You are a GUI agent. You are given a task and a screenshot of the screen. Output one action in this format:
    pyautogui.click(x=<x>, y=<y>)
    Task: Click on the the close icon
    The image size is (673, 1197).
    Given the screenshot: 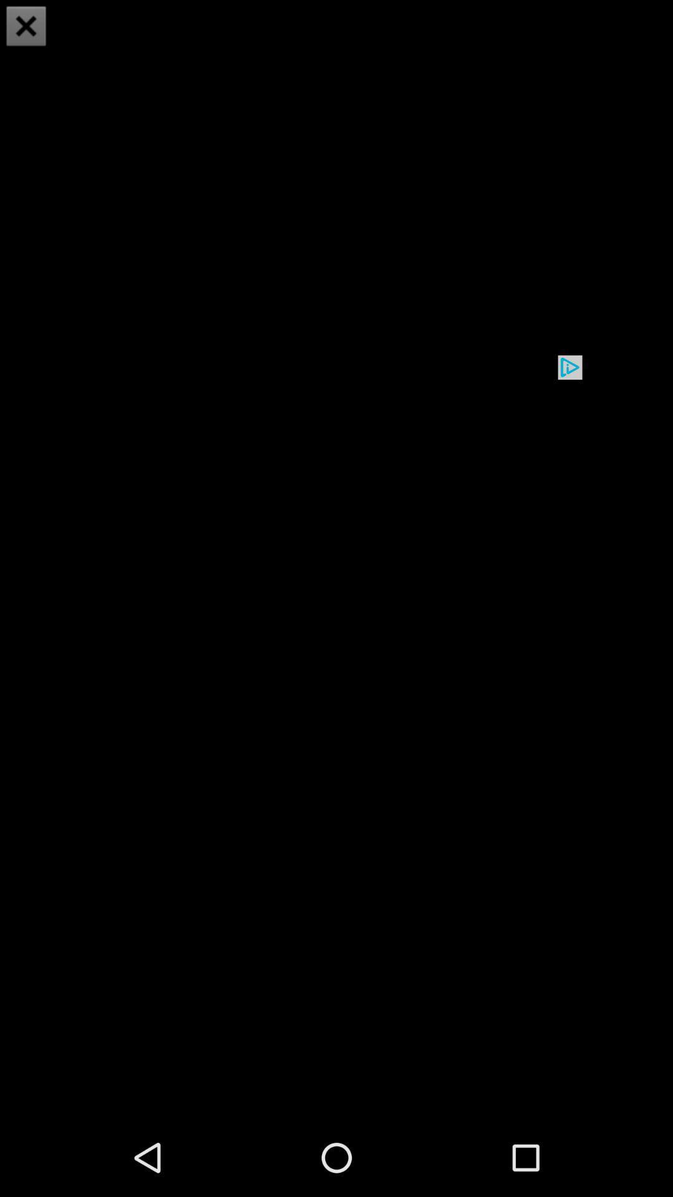 What is the action you would take?
    pyautogui.click(x=26, y=27)
    